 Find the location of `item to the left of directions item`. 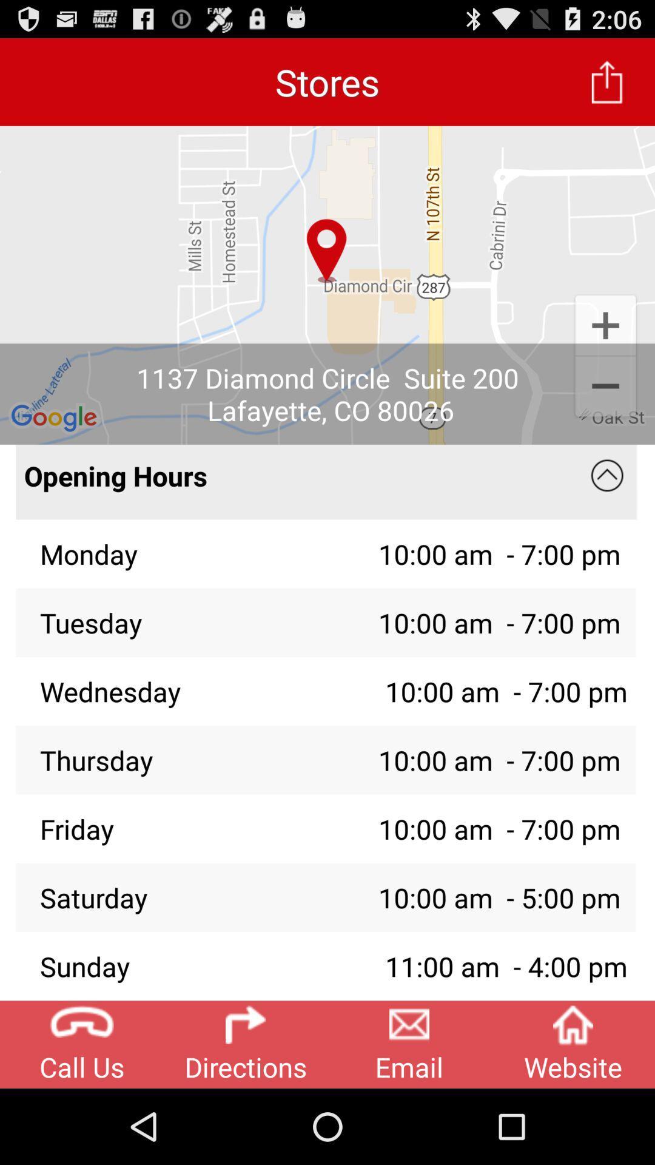

item to the left of directions item is located at coordinates (82, 1044).